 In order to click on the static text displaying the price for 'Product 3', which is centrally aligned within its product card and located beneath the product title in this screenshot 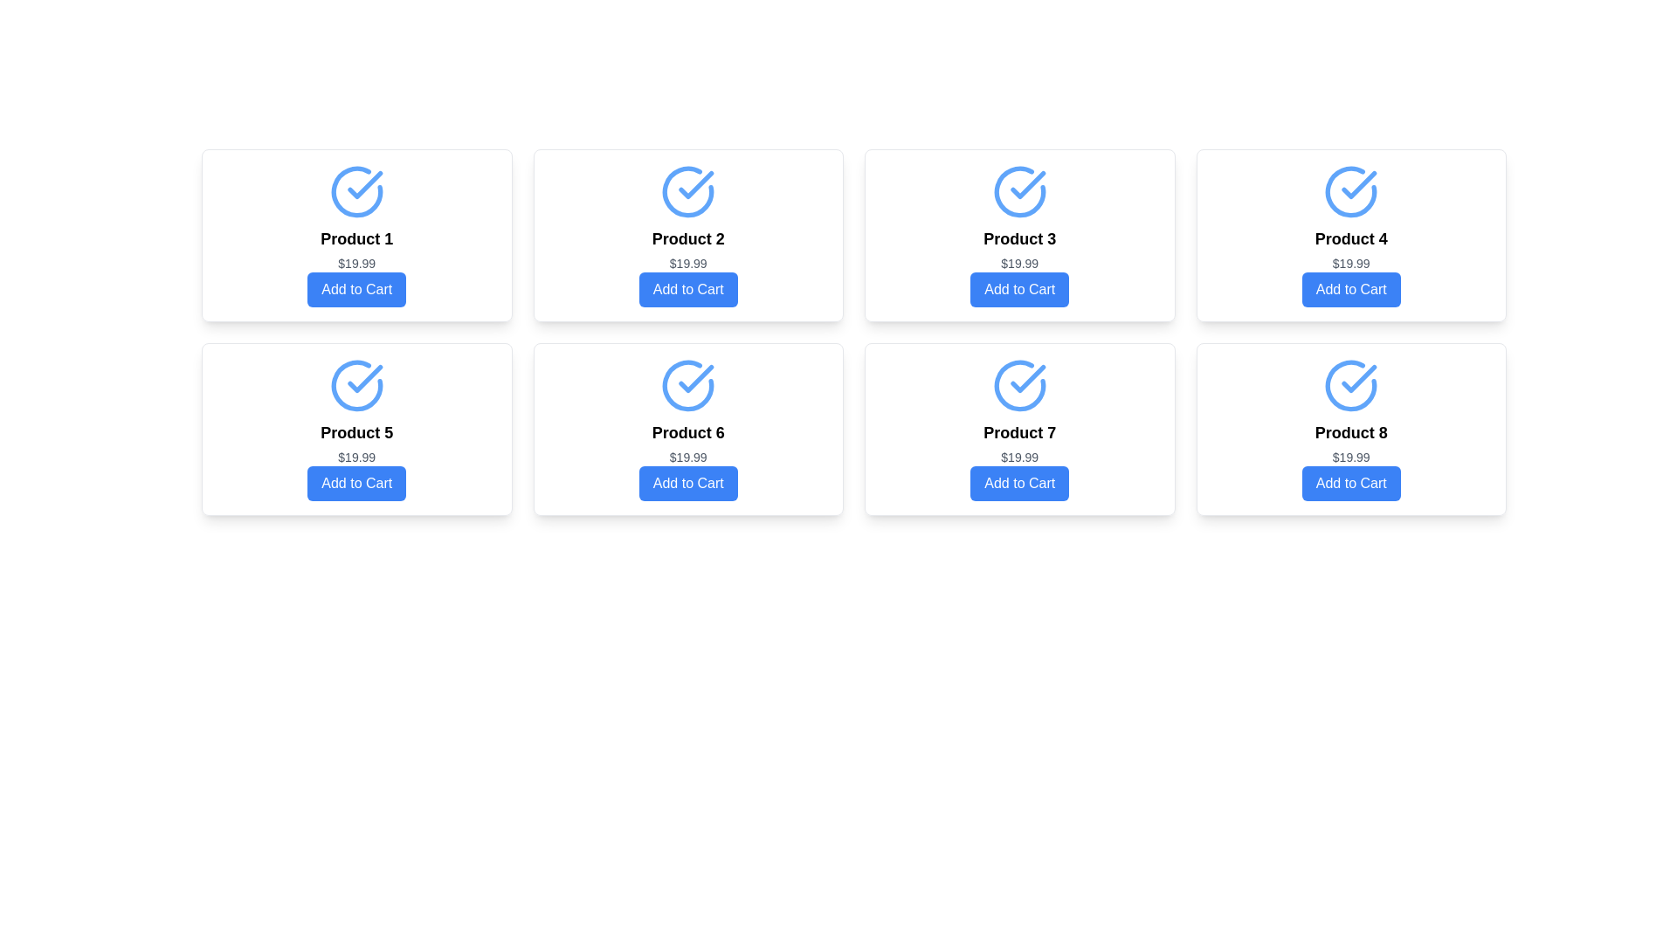, I will do `click(1019, 263)`.